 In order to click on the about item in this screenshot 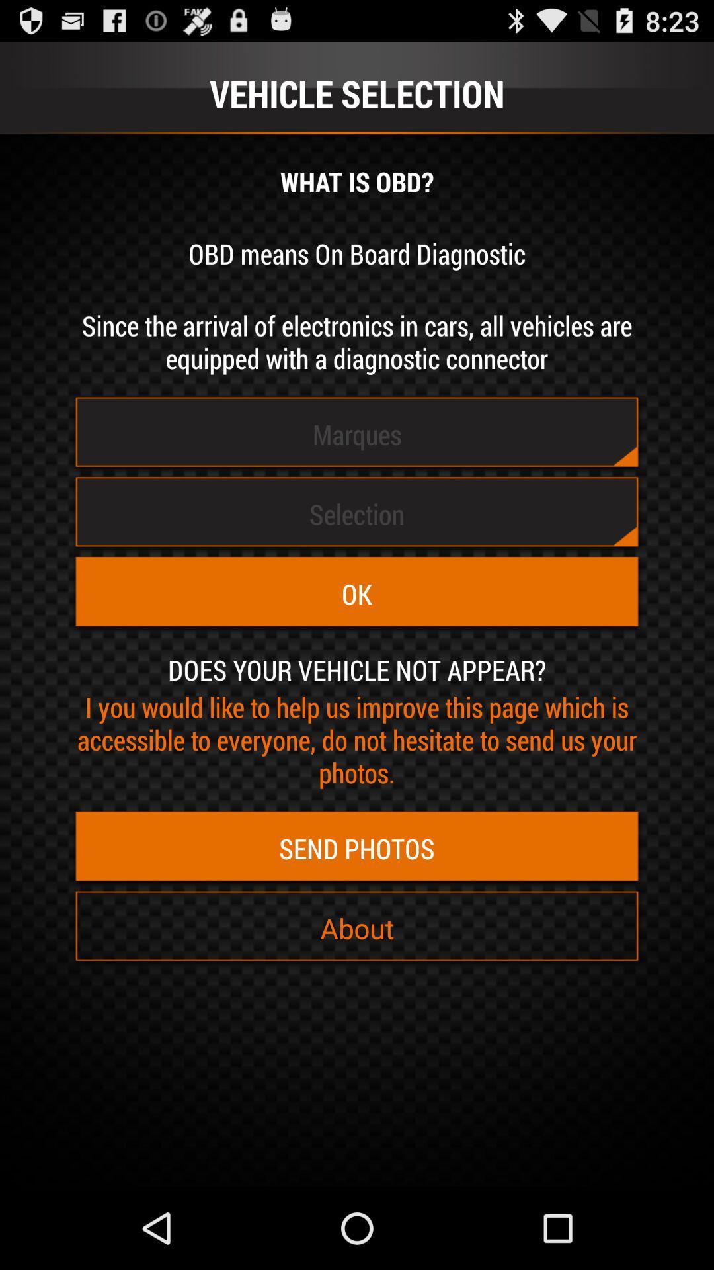, I will do `click(357, 927)`.